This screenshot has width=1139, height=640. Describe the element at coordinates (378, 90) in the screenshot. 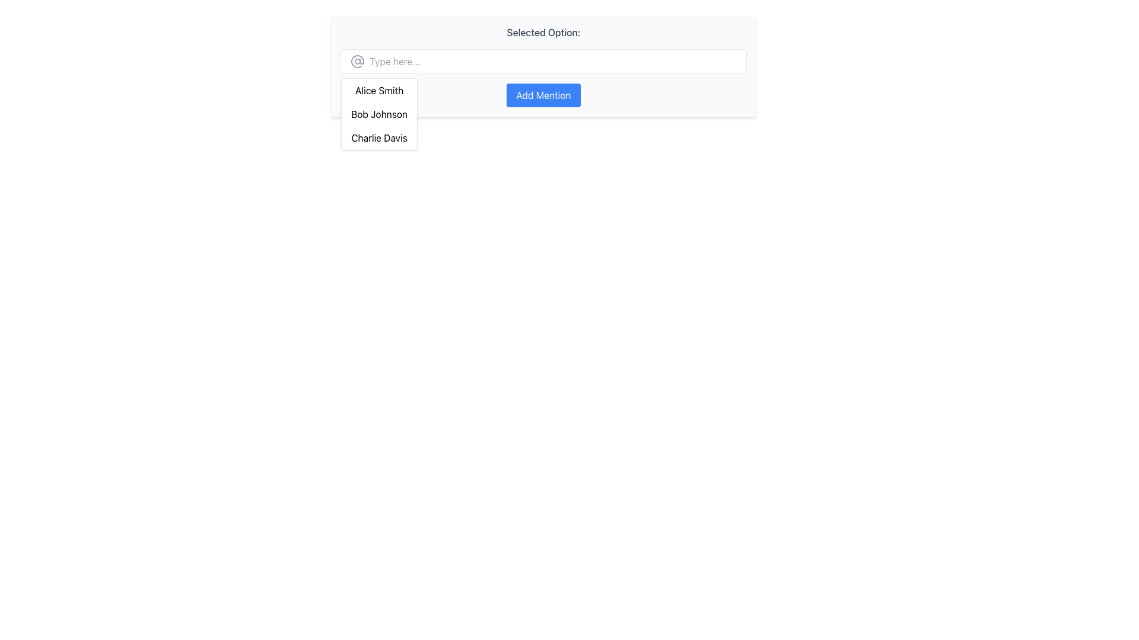

I see `the text option 'Alice Smith' in the dropdown list` at that location.